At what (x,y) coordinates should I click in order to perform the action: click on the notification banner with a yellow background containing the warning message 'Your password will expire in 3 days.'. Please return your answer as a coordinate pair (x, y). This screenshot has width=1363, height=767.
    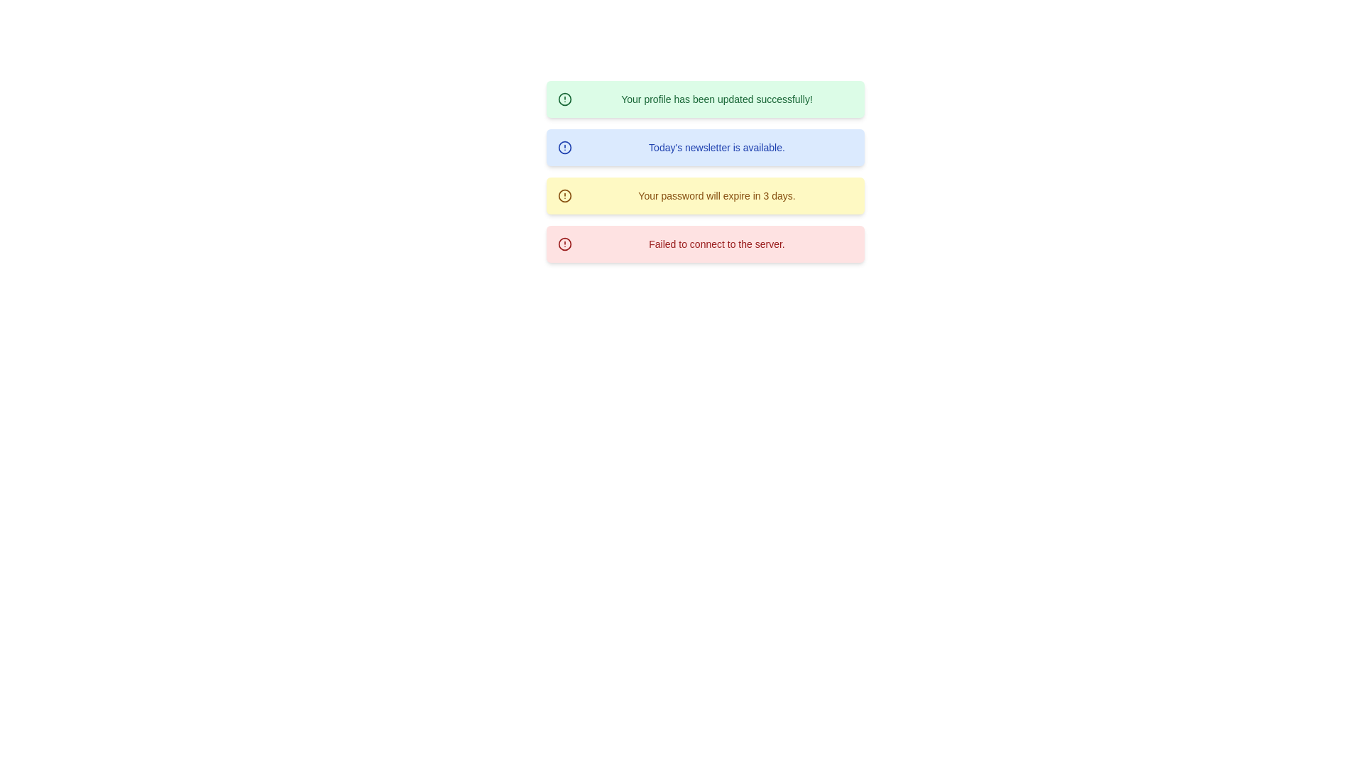
    Looking at the image, I should click on (705, 196).